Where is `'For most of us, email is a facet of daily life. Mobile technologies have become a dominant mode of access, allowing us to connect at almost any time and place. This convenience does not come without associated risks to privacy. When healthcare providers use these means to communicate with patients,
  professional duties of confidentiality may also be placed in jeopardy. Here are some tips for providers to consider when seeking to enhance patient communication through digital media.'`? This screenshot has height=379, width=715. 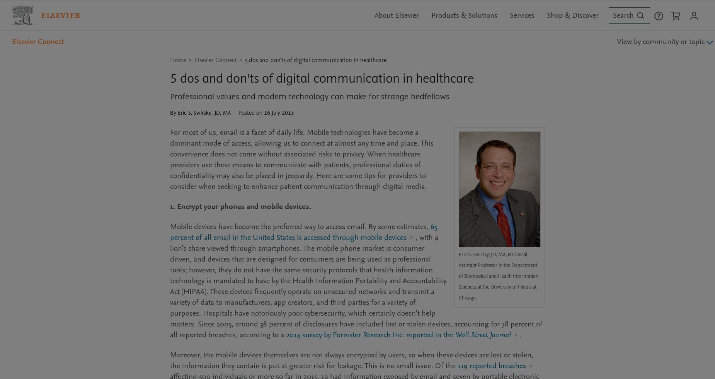 'For most of us, email is a facet of daily life. Mobile technologies have become a dominant mode of access, allowing us to connect at almost any time and place. This convenience does not come without associated risks to privacy. When healthcare providers use these means to communicate with patients,
  professional duties of confidentiality may also be placed in jeopardy. Here are some tips for providers to consider when seeking to enhance patient communication through digital media.' is located at coordinates (302, 159).